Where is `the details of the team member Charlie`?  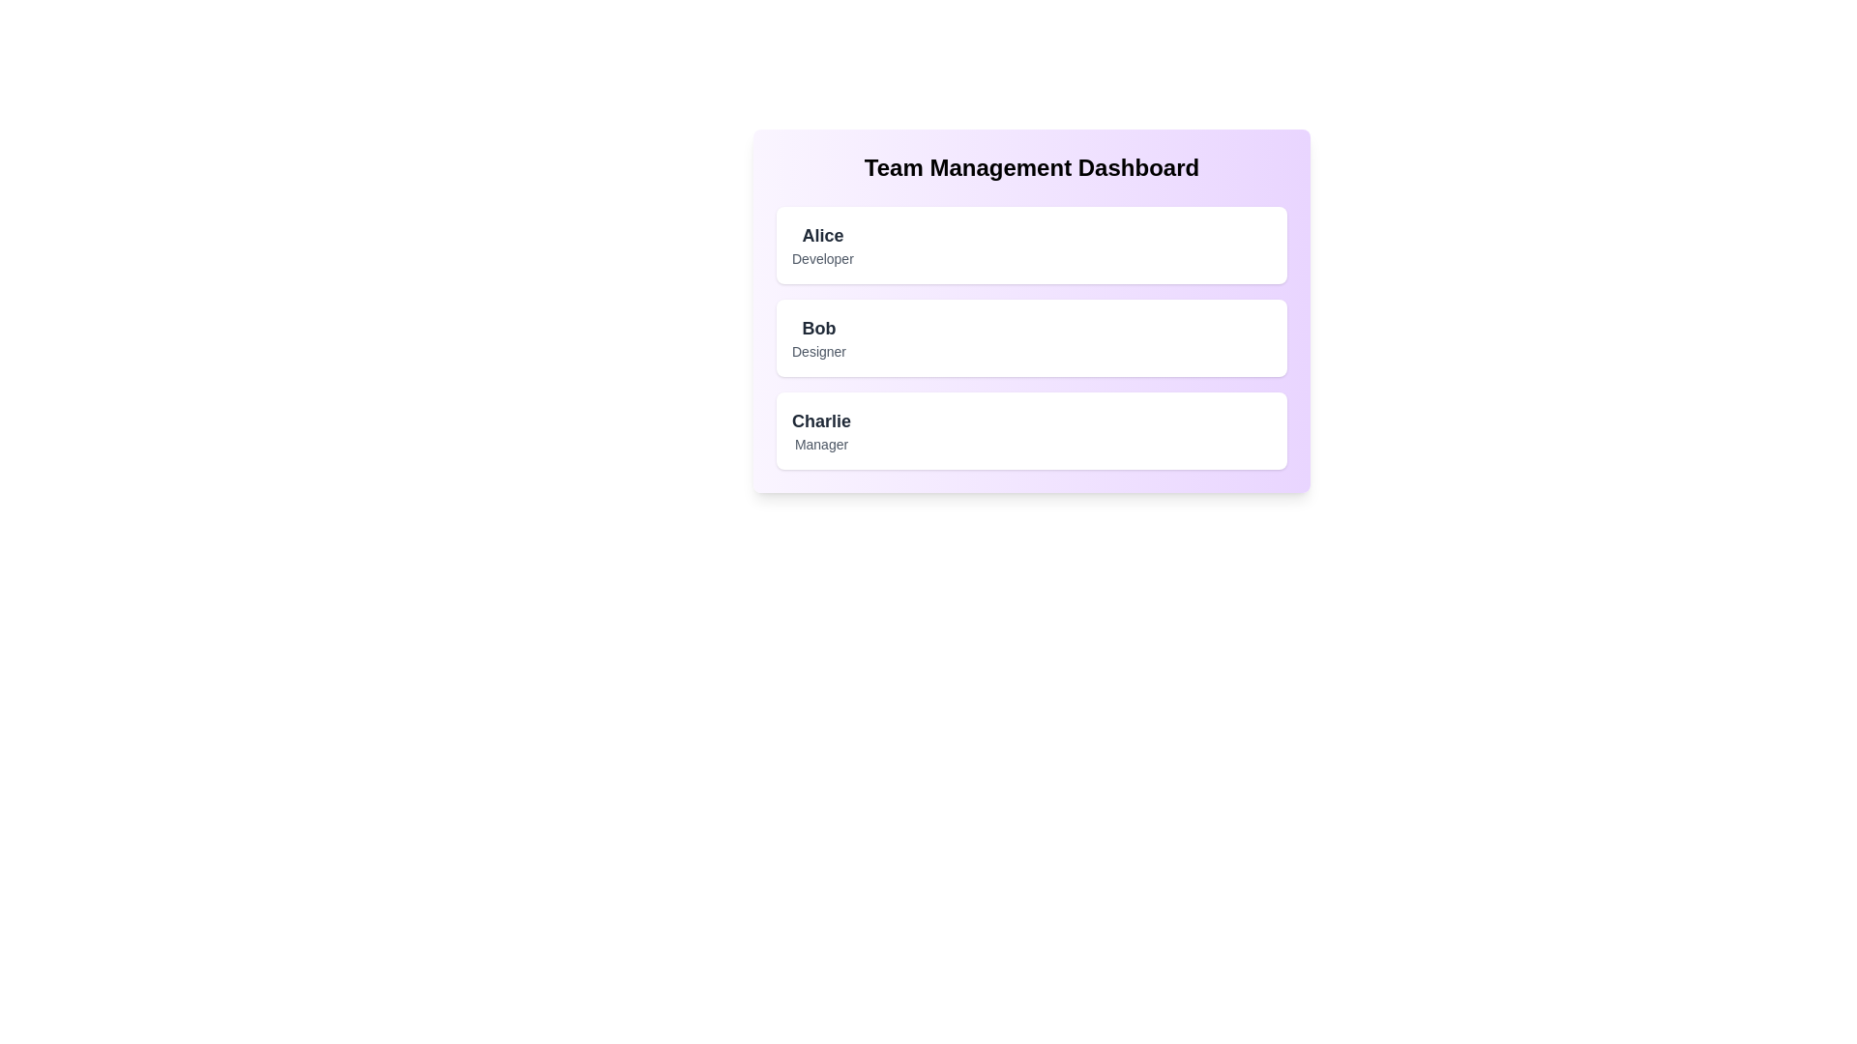
the details of the team member Charlie is located at coordinates (1030, 430).